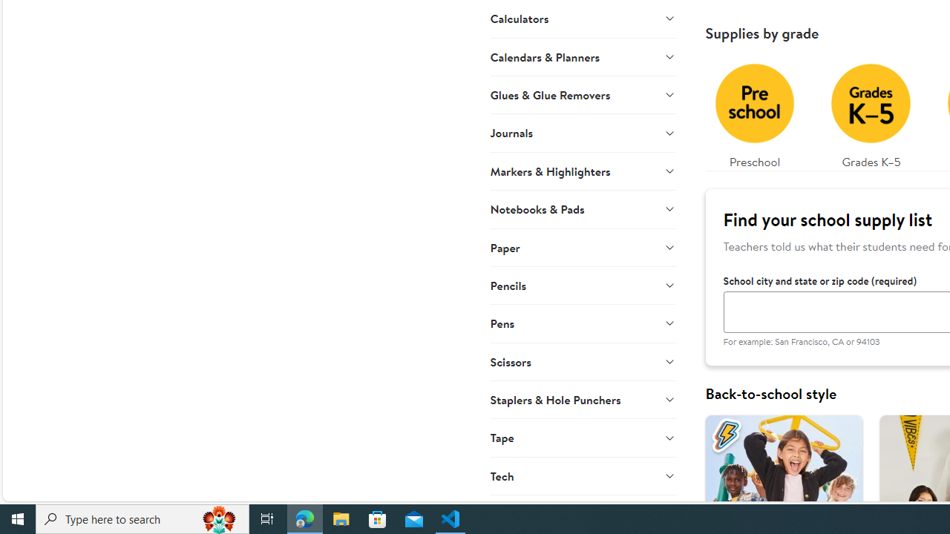  What do you see at coordinates (582, 322) in the screenshot?
I see `'Pens'` at bounding box center [582, 322].